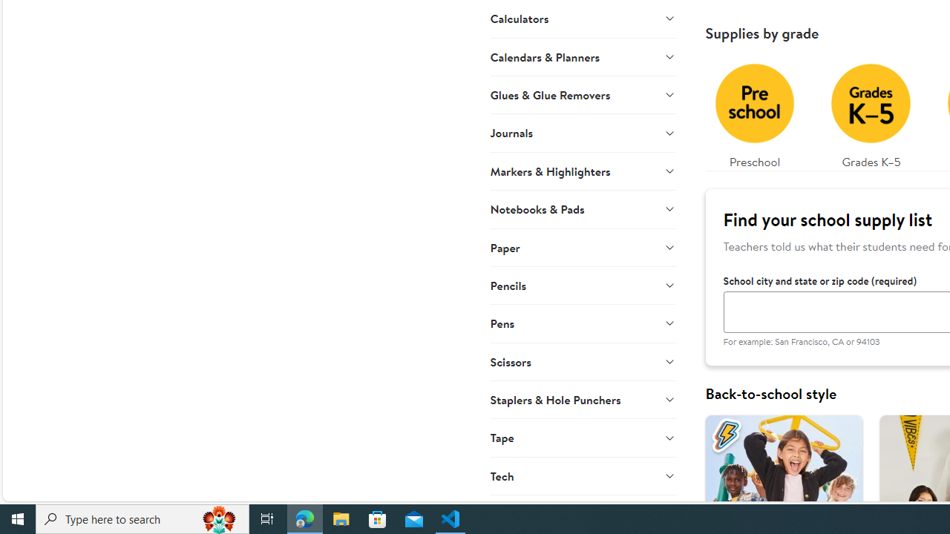  What do you see at coordinates (582, 322) in the screenshot?
I see `'Pens'` at bounding box center [582, 322].